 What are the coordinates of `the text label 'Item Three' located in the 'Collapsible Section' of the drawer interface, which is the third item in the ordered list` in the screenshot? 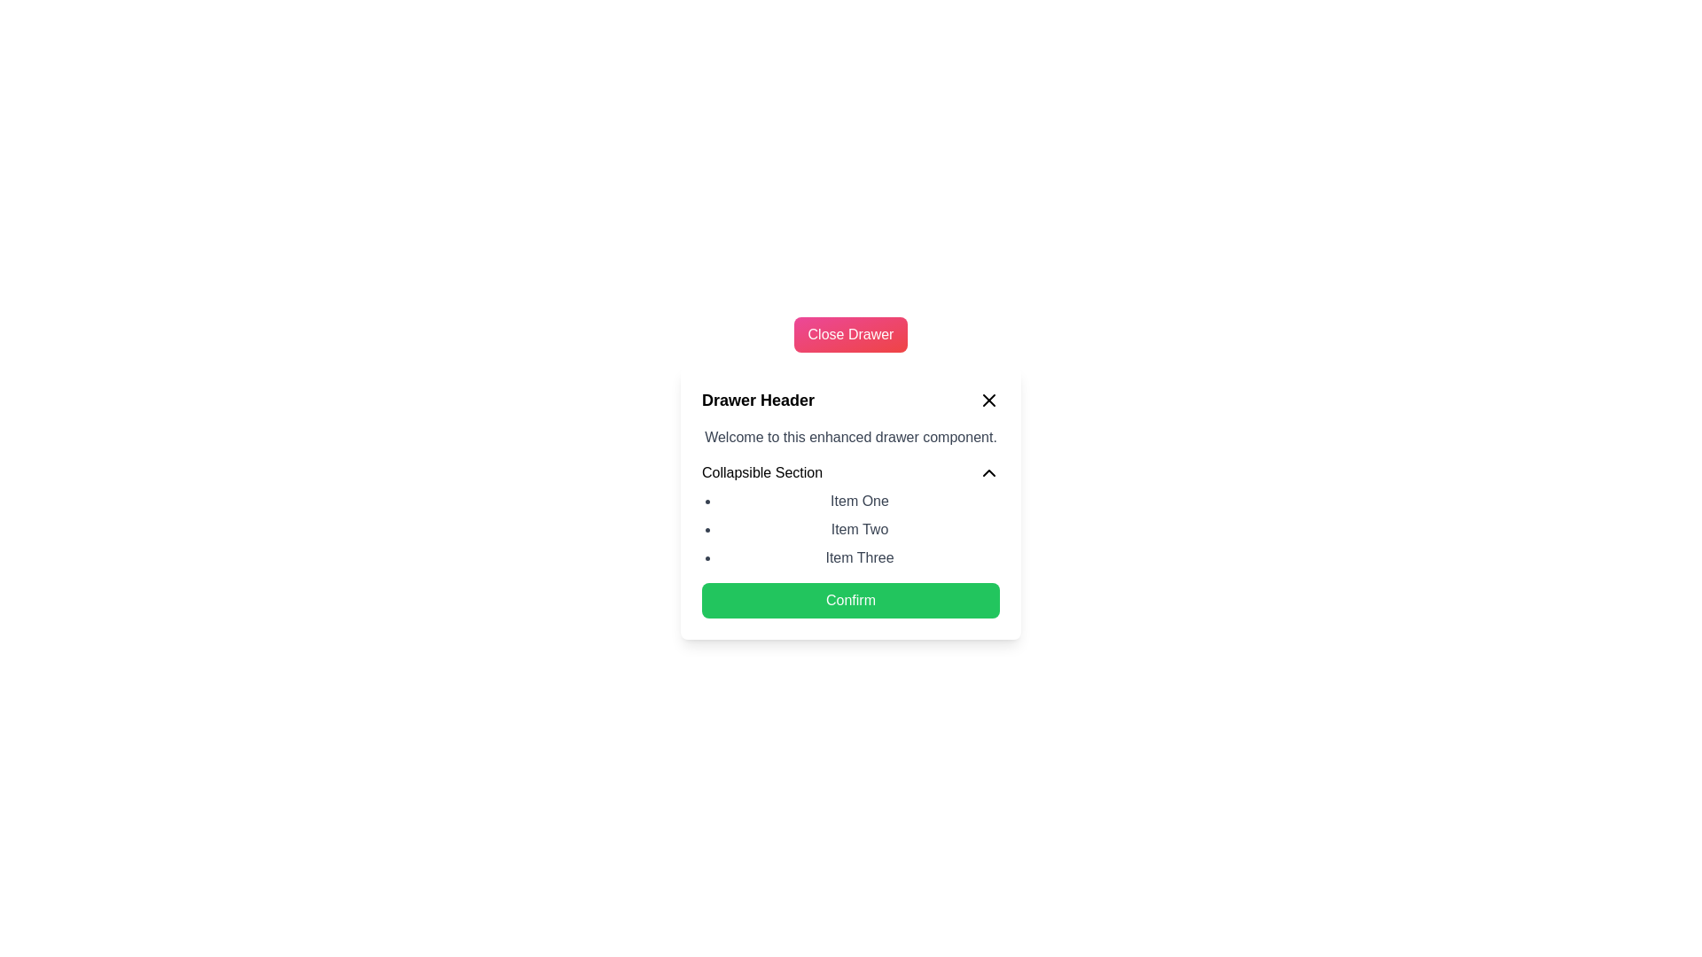 It's located at (859, 556).